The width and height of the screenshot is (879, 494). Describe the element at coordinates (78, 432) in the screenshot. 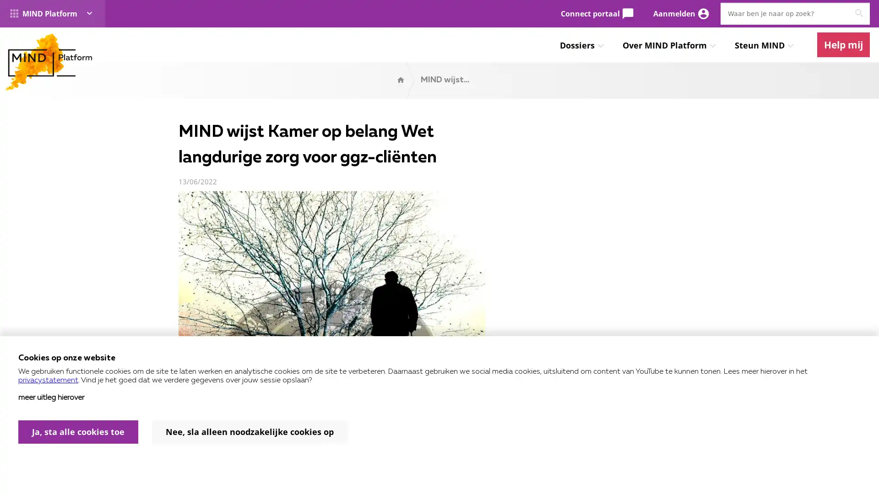

I see `Ja, sta alle cookies toe` at that location.